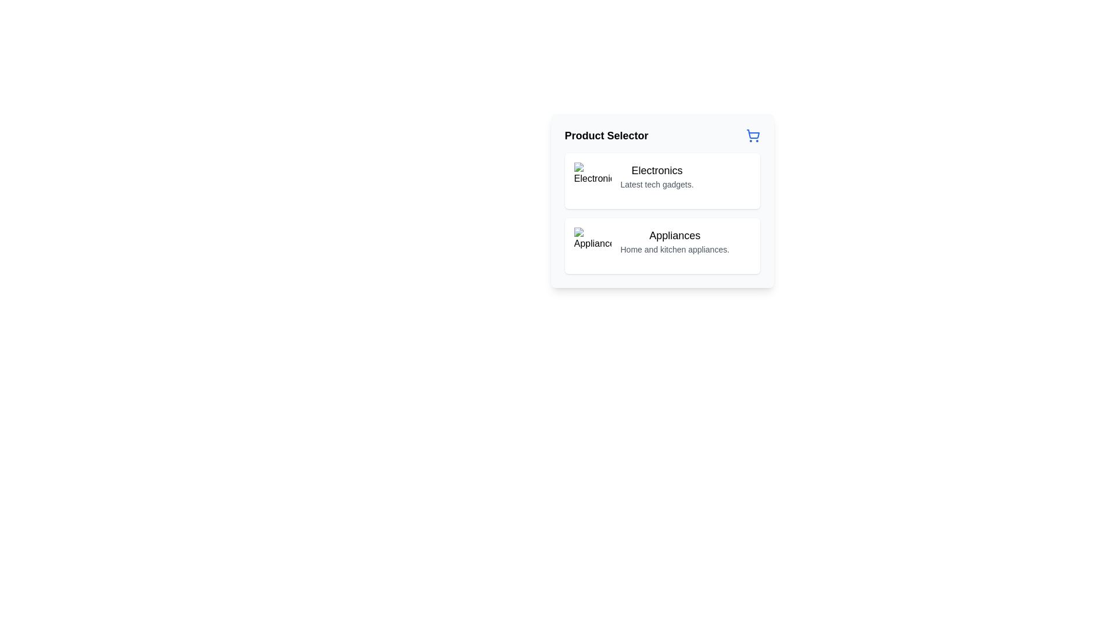  Describe the element at coordinates (657, 183) in the screenshot. I see `the text element displaying 'Latest tech gadgets.', which is styled with a smaller font size and a gray color, located below the bold 'Electronics' title in the 'Electronics' section` at that location.